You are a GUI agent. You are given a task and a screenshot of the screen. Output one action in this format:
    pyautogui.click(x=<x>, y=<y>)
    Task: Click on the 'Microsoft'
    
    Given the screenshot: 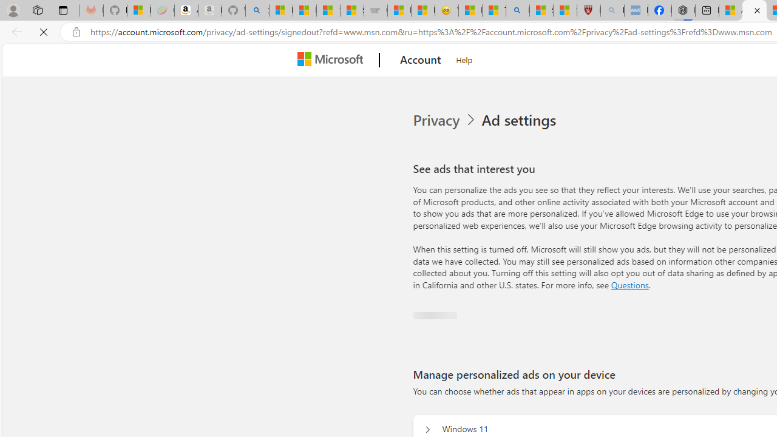 What is the action you would take?
    pyautogui.click(x=333, y=60)
    